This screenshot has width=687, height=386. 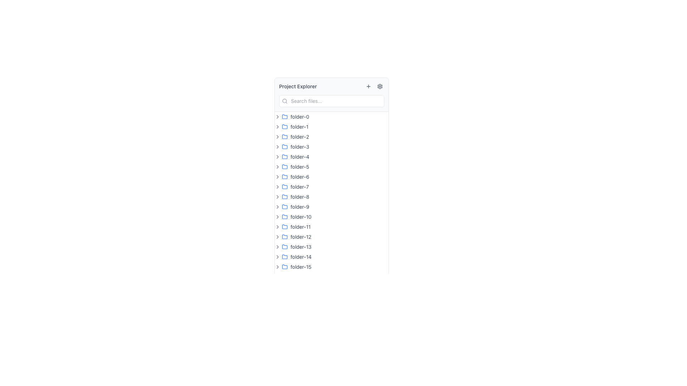 What do you see at coordinates (284, 256) in the screenshot?
I see `the folder icon representing 'folder-14', which is the fourteenth entry in the vertically listed folder hierarchy` at bounding box center [284, 256].